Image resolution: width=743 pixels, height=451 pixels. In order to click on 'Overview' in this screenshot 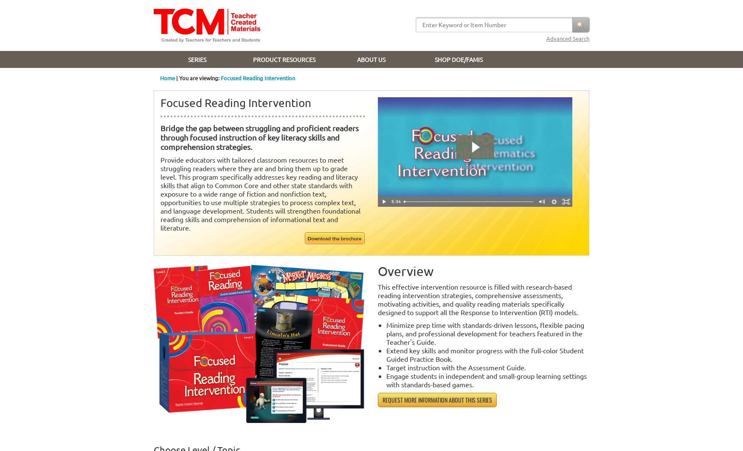, I will do `click(405, 271)`.